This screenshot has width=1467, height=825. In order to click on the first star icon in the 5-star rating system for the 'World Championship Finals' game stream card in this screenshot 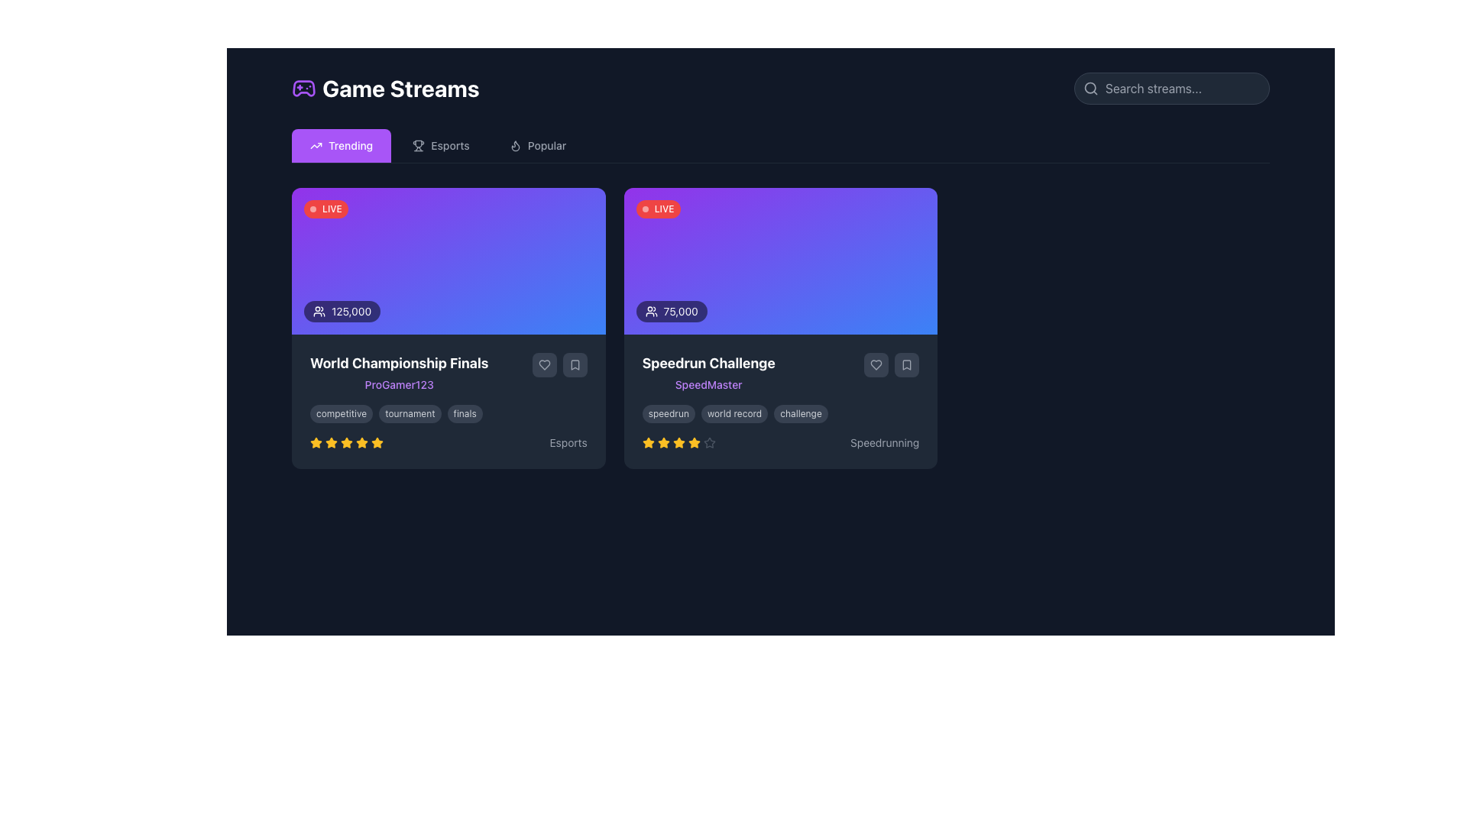, I will do `click(330, 442)`.